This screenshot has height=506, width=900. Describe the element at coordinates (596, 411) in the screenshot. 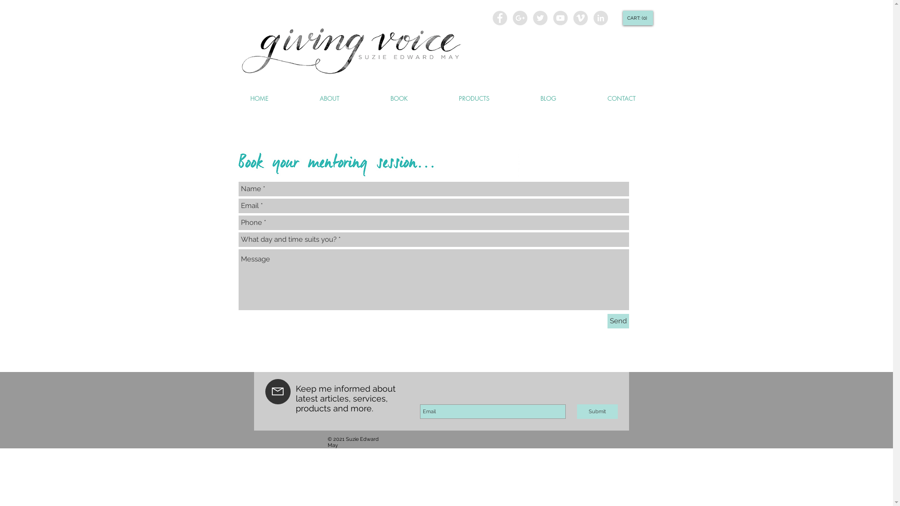

I see `'Submit'` at that location.